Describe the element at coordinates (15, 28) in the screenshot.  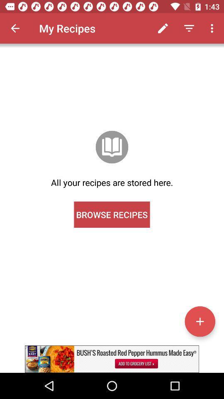
I see `go back` at that location.